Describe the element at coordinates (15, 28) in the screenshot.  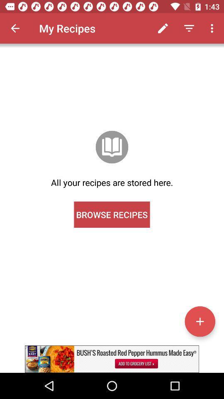
I see `go back` at that location.